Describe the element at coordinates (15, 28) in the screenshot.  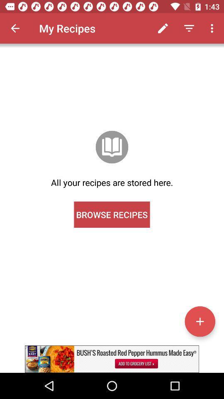
I see `go back` at that location.